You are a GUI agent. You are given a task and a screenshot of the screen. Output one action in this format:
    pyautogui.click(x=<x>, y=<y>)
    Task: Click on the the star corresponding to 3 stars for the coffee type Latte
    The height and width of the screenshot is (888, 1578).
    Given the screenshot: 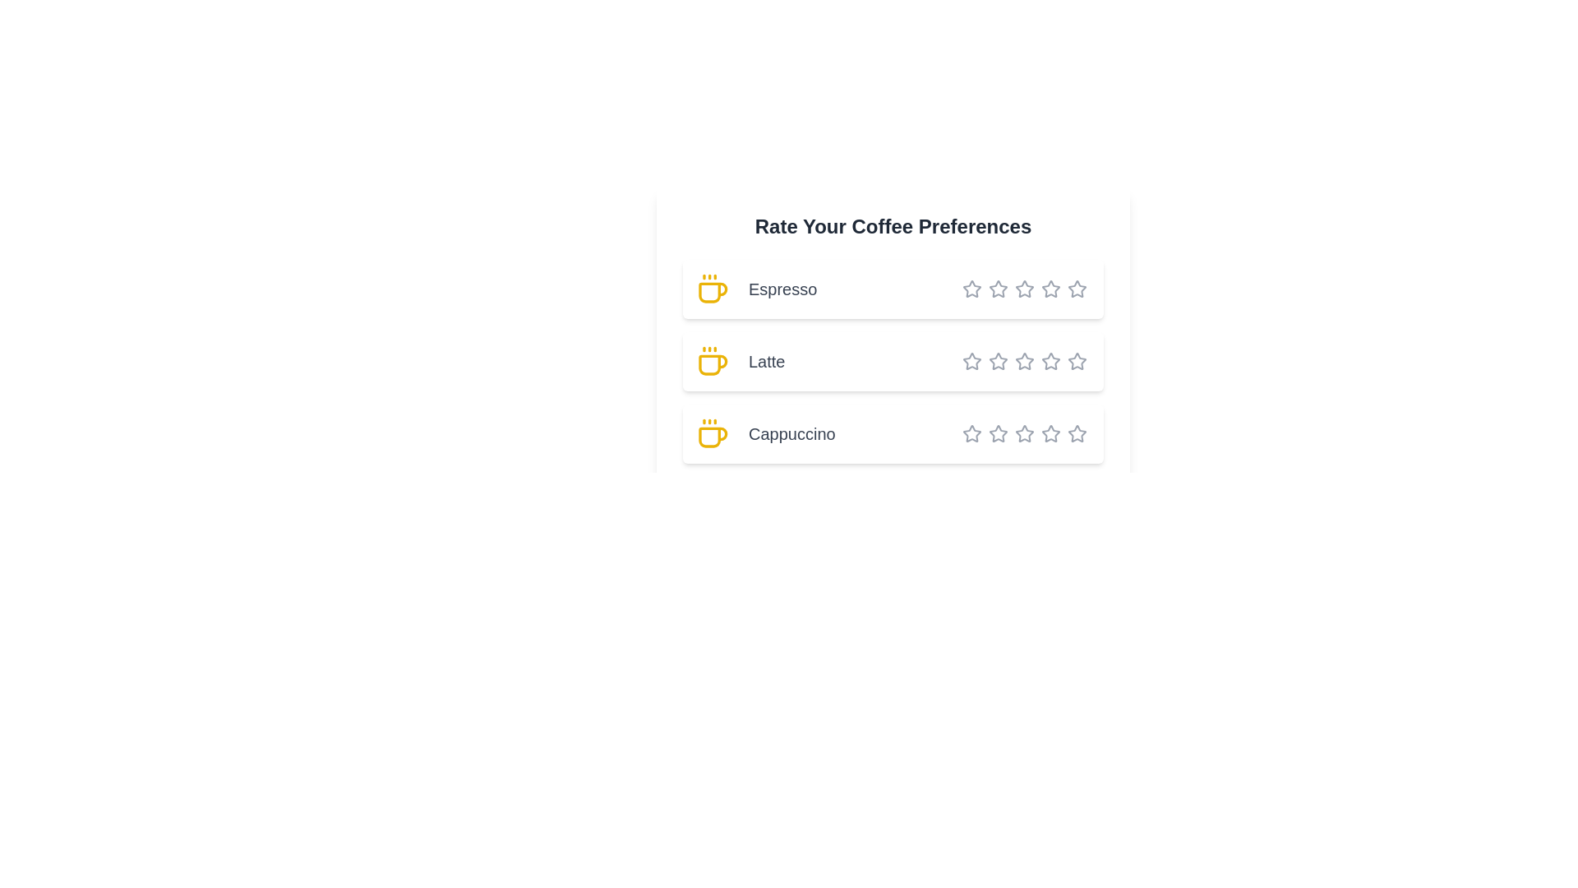 What is the action you would take?
    pyautogui.click(x=1004, y=360)
    